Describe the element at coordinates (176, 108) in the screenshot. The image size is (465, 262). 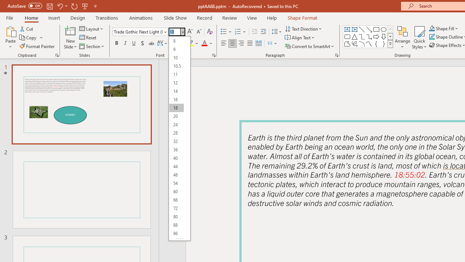
I see `'18'` at that location.